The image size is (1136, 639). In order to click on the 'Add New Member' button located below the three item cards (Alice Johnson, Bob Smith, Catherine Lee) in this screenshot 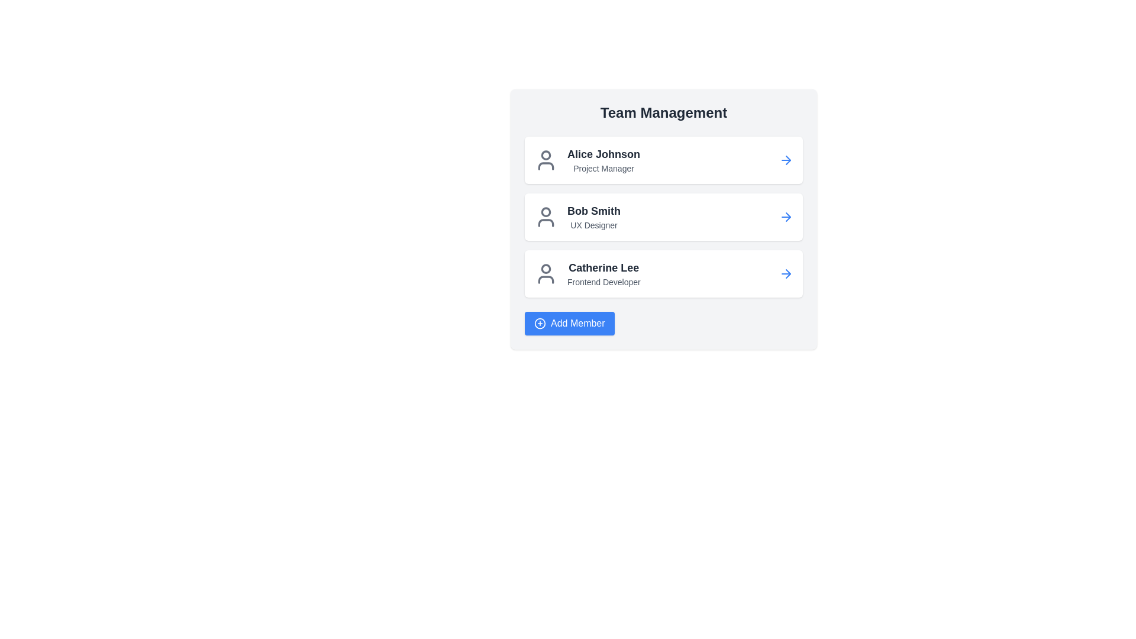, I will do `click(569, 324)`.